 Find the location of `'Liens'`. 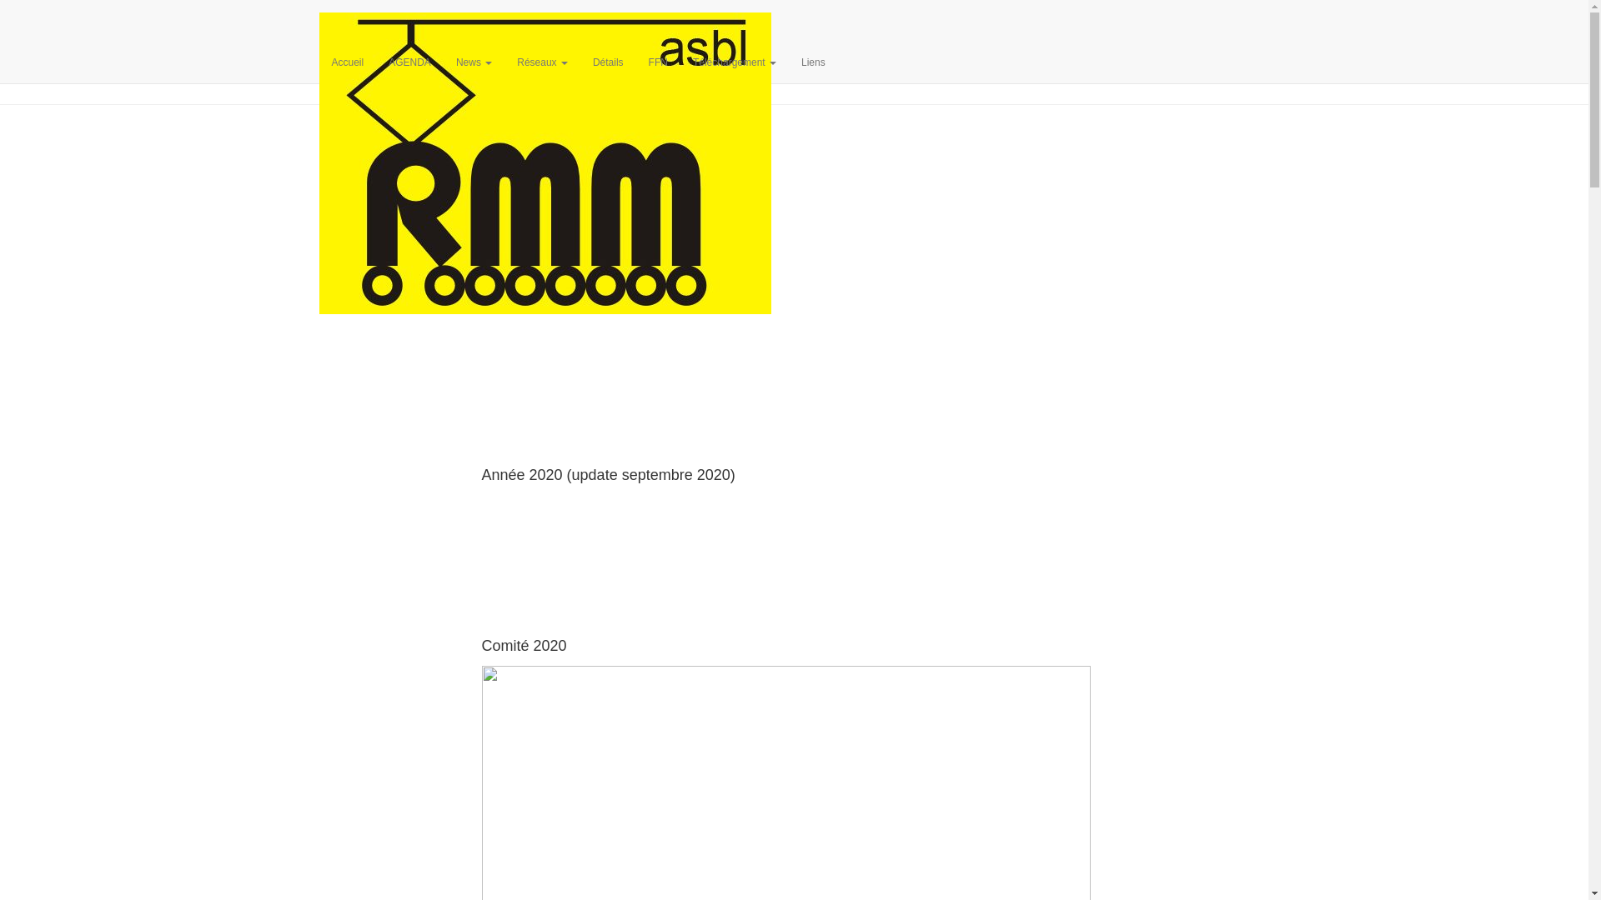

'Liens' is located at coordinates (813, 61).